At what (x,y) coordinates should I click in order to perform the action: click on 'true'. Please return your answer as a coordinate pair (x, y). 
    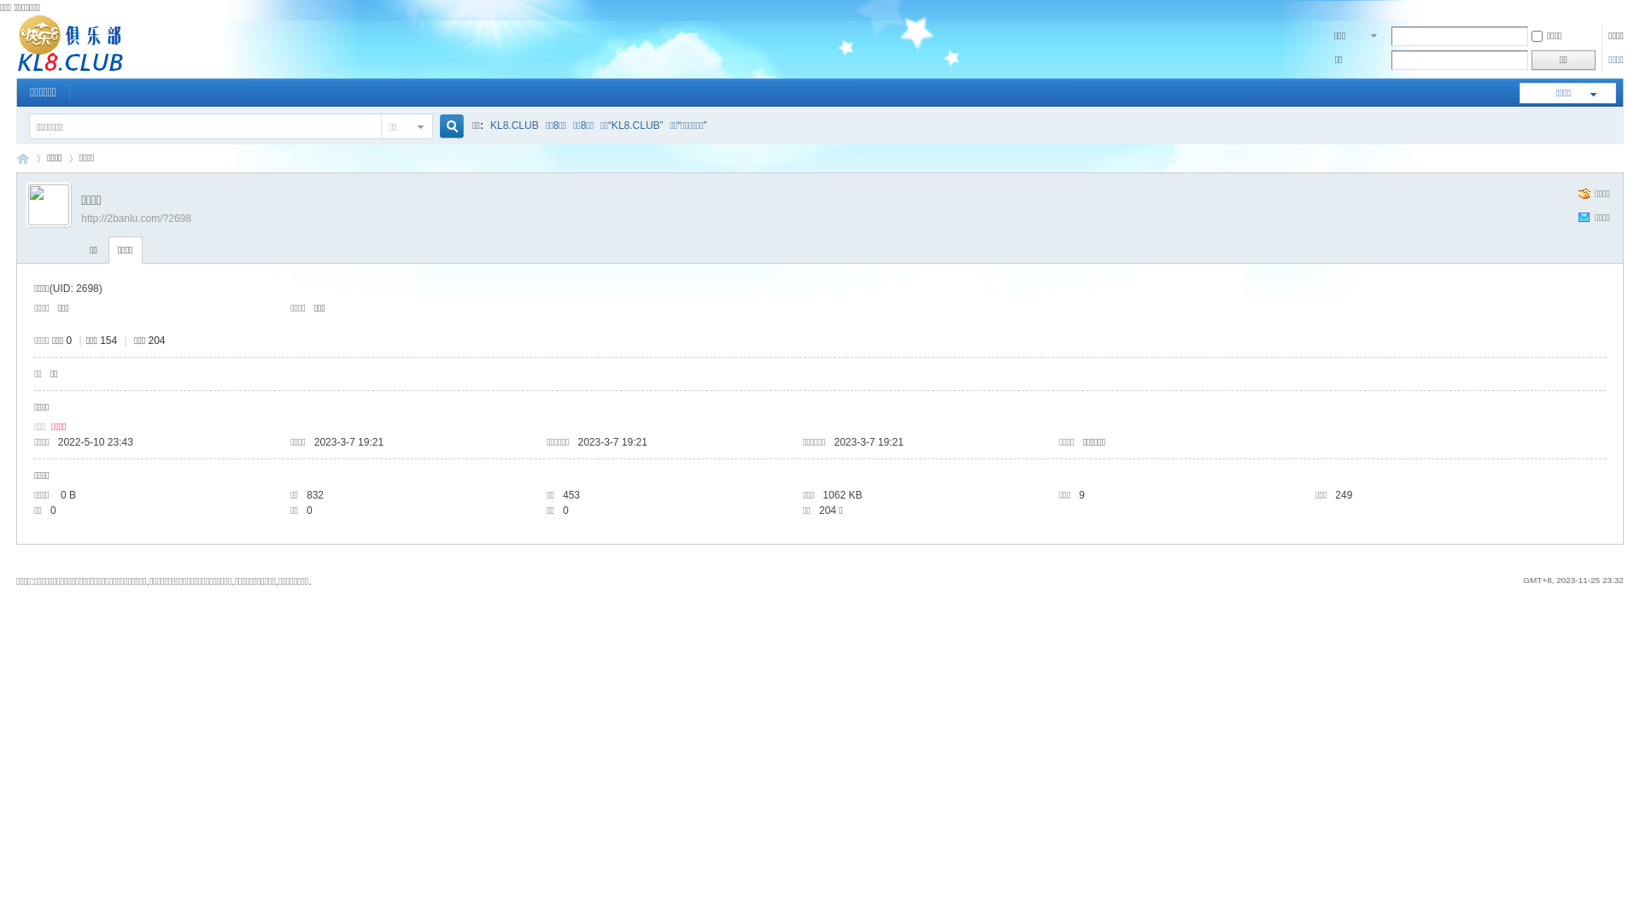
    Looking at the image, I should click on (433, 125).